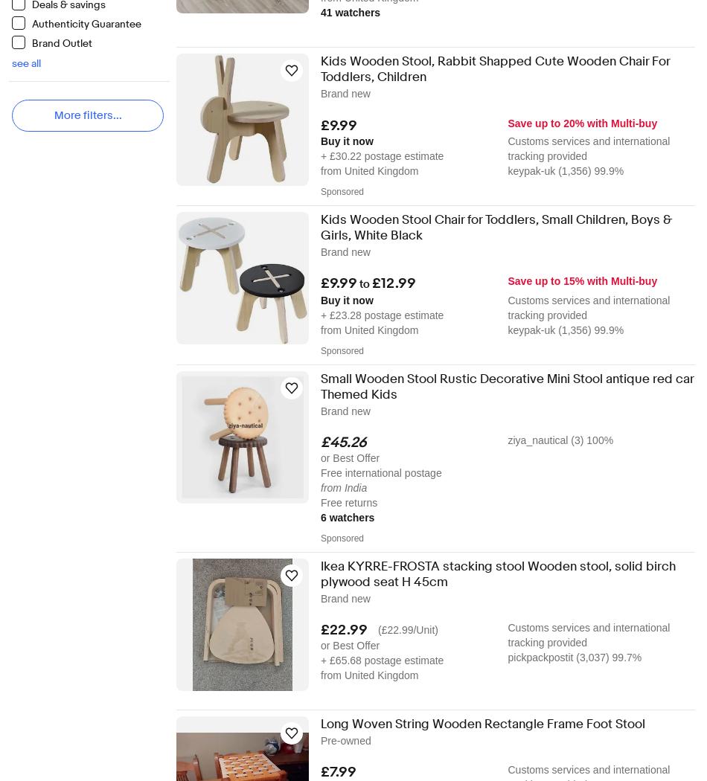 The image size is (707, 781). What do you see at coordinates (347, 518) in the screenshot?
I see `'6 watchers'` at bounding box center [347, 518].